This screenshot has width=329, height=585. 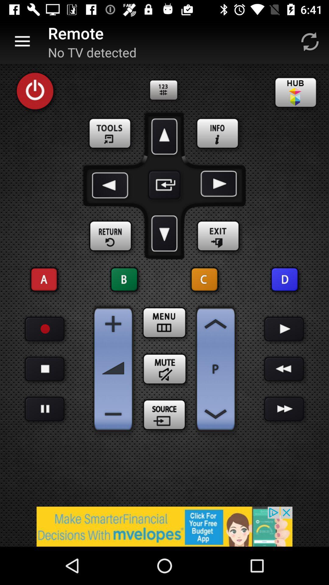 What do you see at coordinates (113, 414) in the screenshot?
I see `decrease volume` at bounding box center [113, 414].